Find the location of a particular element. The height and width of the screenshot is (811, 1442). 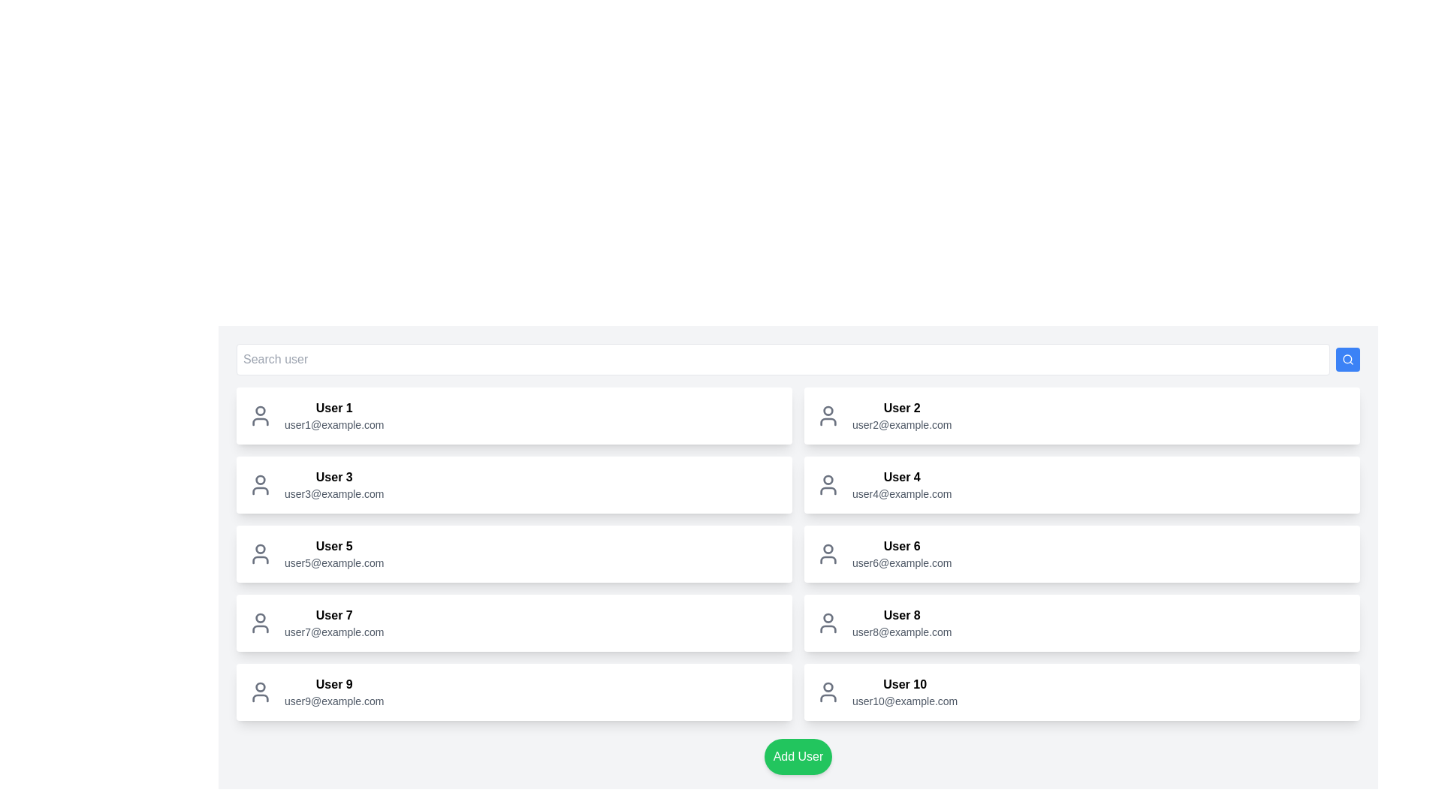

the user card representing a user's profile located in the fourth row of the right column, positioned between 'User 6' and 'User 10' is located at coordinates (1081, 623).